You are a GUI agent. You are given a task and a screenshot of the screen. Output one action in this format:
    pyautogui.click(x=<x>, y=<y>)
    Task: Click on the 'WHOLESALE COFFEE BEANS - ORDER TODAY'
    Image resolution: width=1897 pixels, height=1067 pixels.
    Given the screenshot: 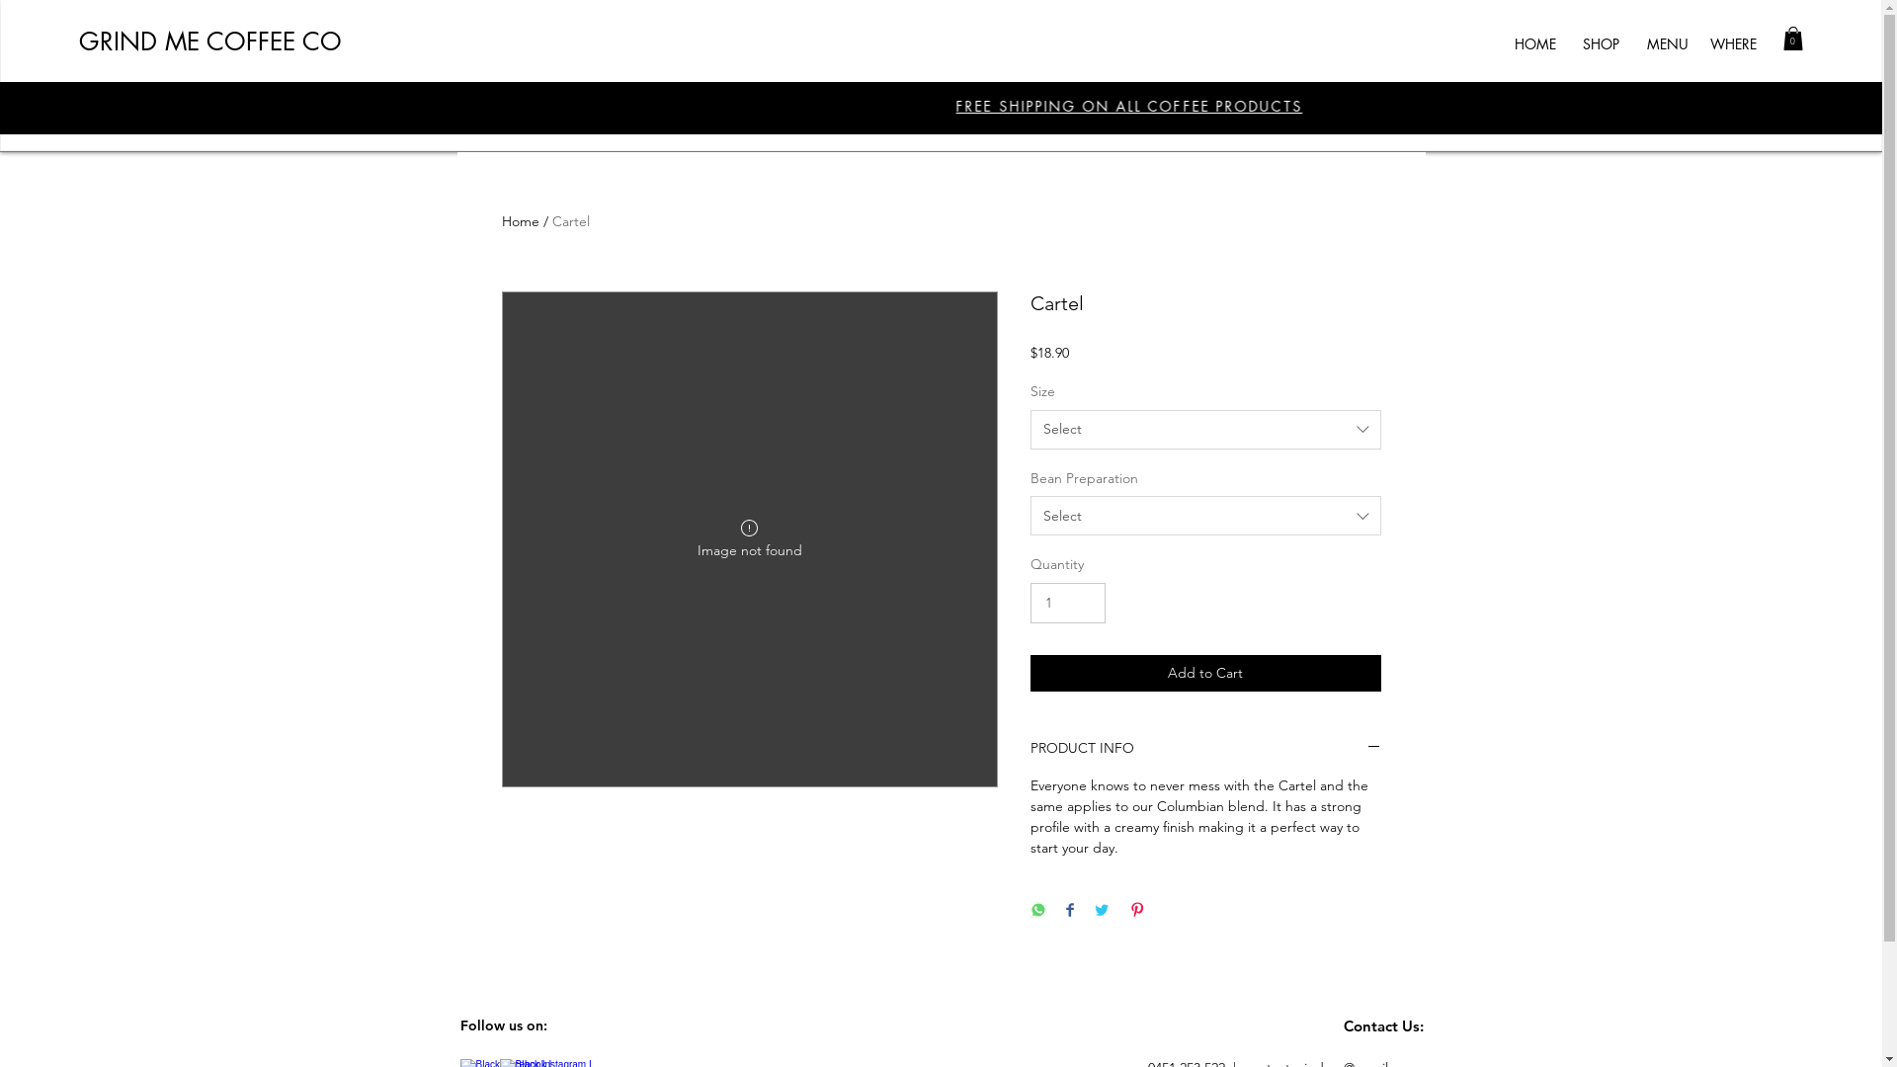 What is the action you would take?
    pyautogui.click(x=904, y=106)
    